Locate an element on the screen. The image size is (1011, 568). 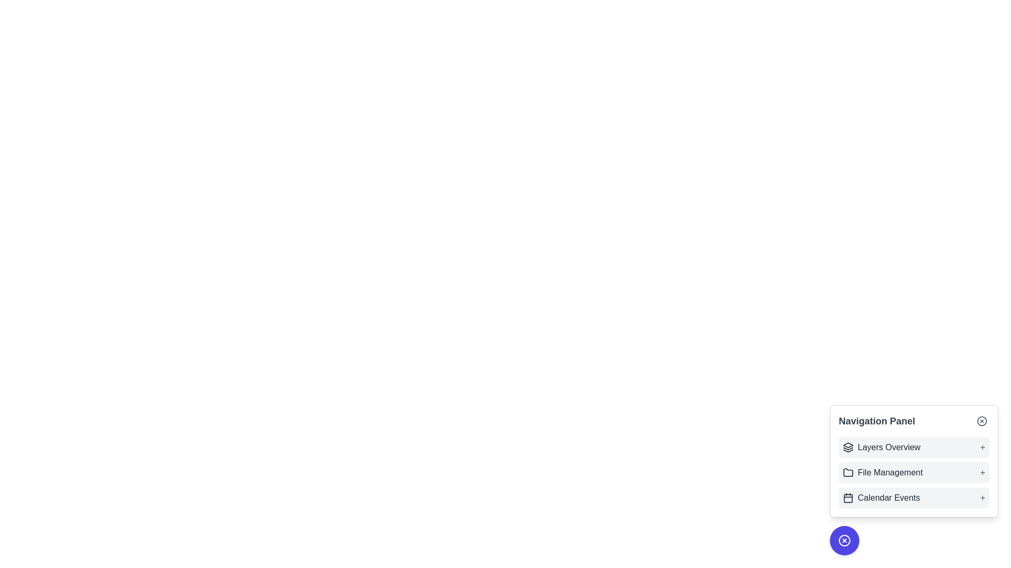
the 'Layers Overview' text label is located at coordinates (888, 448).